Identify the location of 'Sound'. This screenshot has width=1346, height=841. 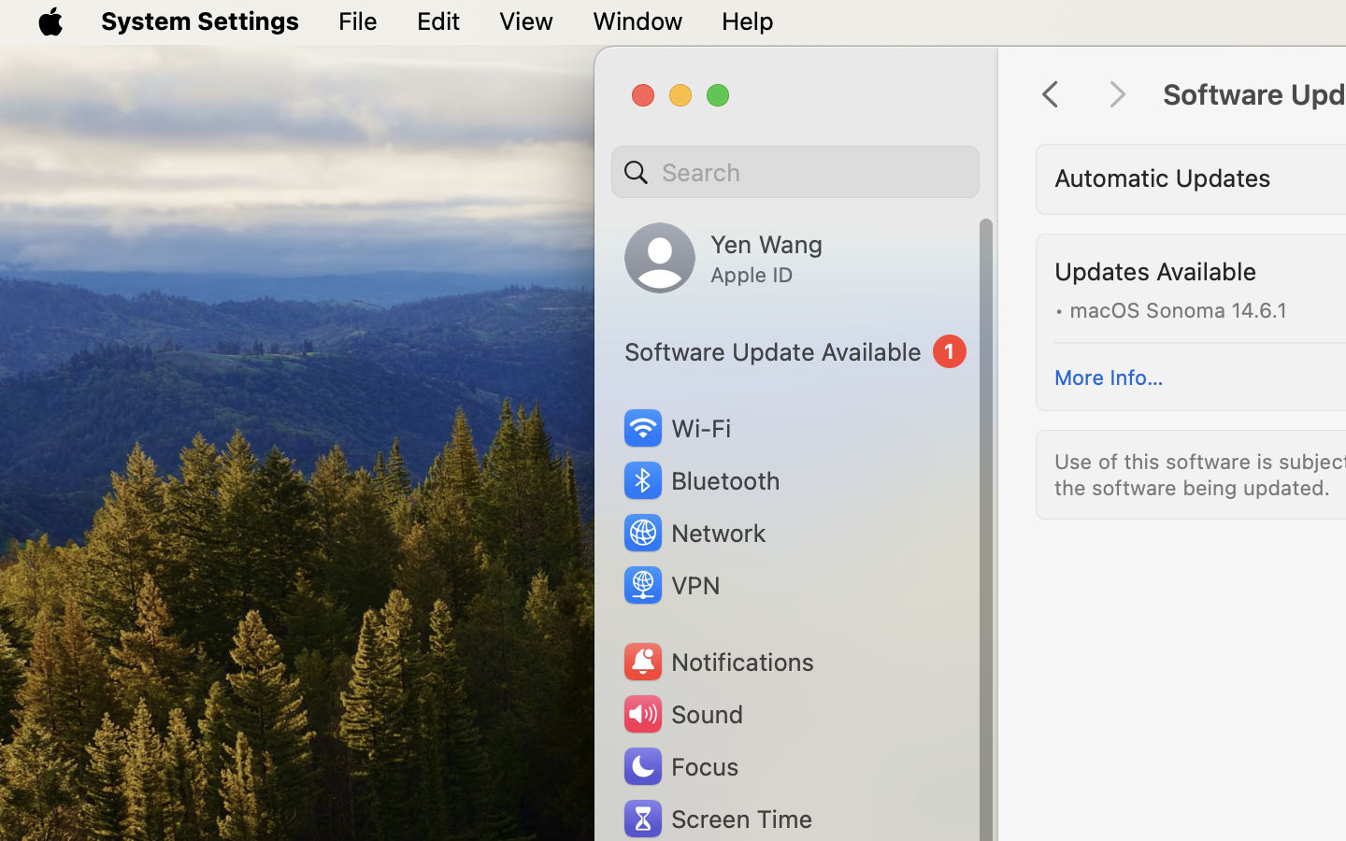
(680, 713).